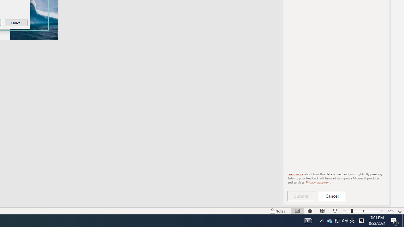 The width and height of the screenshot is (404, 227). Describe the element at coordinates (301, 196) in the screenshot. I see `'Submit'` at that location.